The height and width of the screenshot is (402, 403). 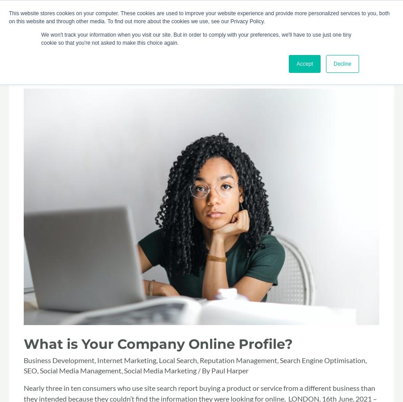 I want to click on 'We won't track your information when you visit our site. But in order to comply with your preferences, we'll have to use just one tiny cookie so that you're not asked to make this choice again.', so click(x=196, y=38).